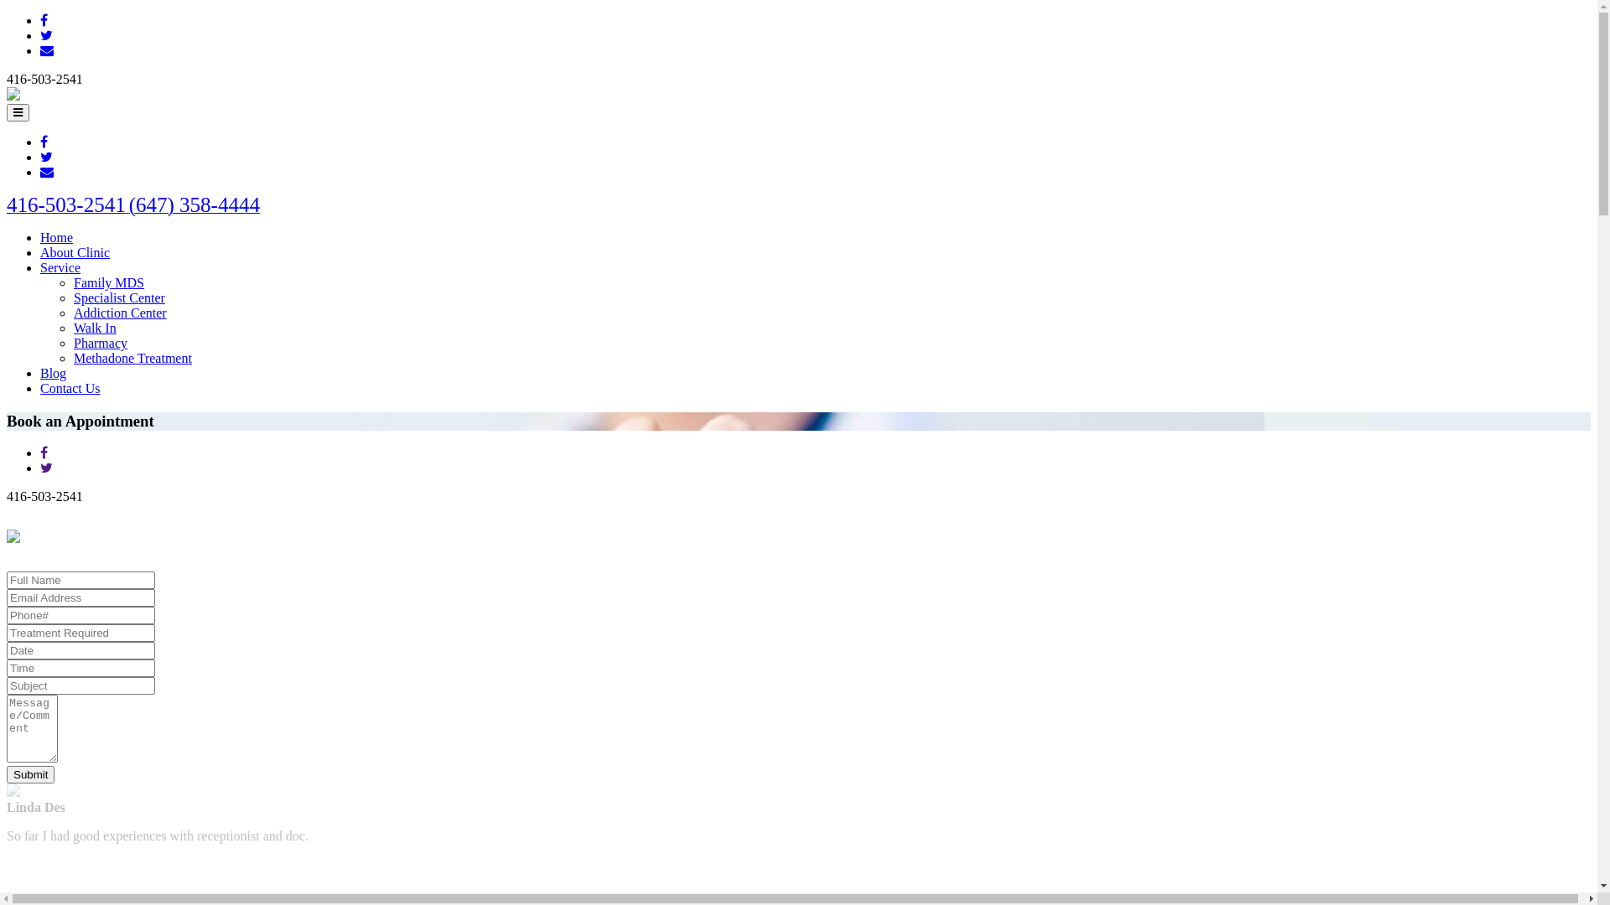 The width and height of the screenshot is (1610, 905). Describe the element at coordinates (94, 328) in the screenshot. I see `'Walk In'` at that location.